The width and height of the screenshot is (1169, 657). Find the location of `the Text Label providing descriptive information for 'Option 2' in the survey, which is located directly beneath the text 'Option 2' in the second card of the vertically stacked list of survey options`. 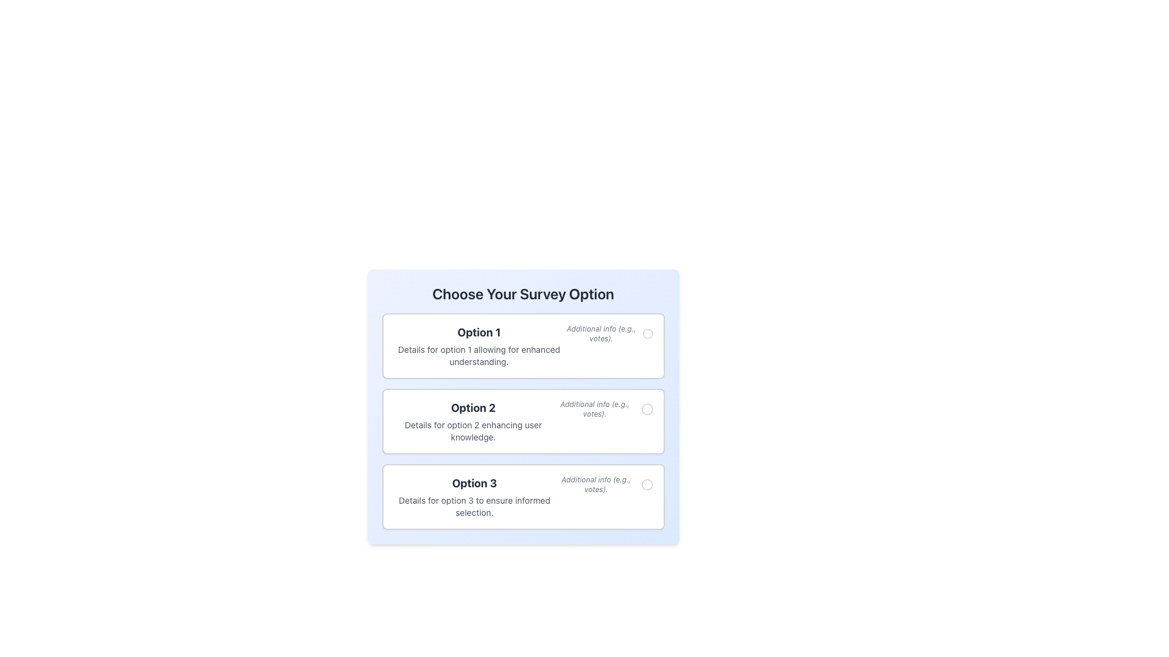

the Text Label providing descriptive information for 'Option 2' in the survey, which is located directly beneath the text 'Option 2' in the second card of the vertically stacked list of survey options is located at coordinates (472, 431).